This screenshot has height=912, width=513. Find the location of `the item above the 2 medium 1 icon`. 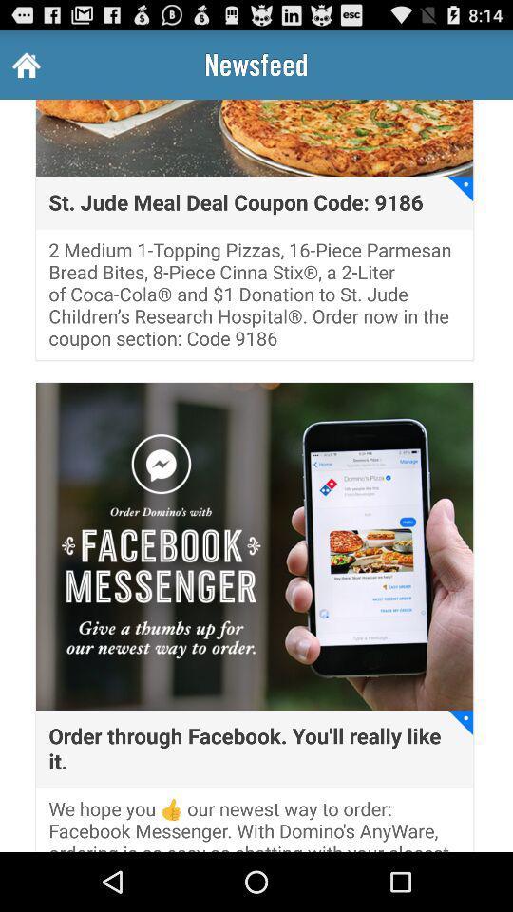

the item above the 2 medium 1 icon is located at coordinates (236, 202).